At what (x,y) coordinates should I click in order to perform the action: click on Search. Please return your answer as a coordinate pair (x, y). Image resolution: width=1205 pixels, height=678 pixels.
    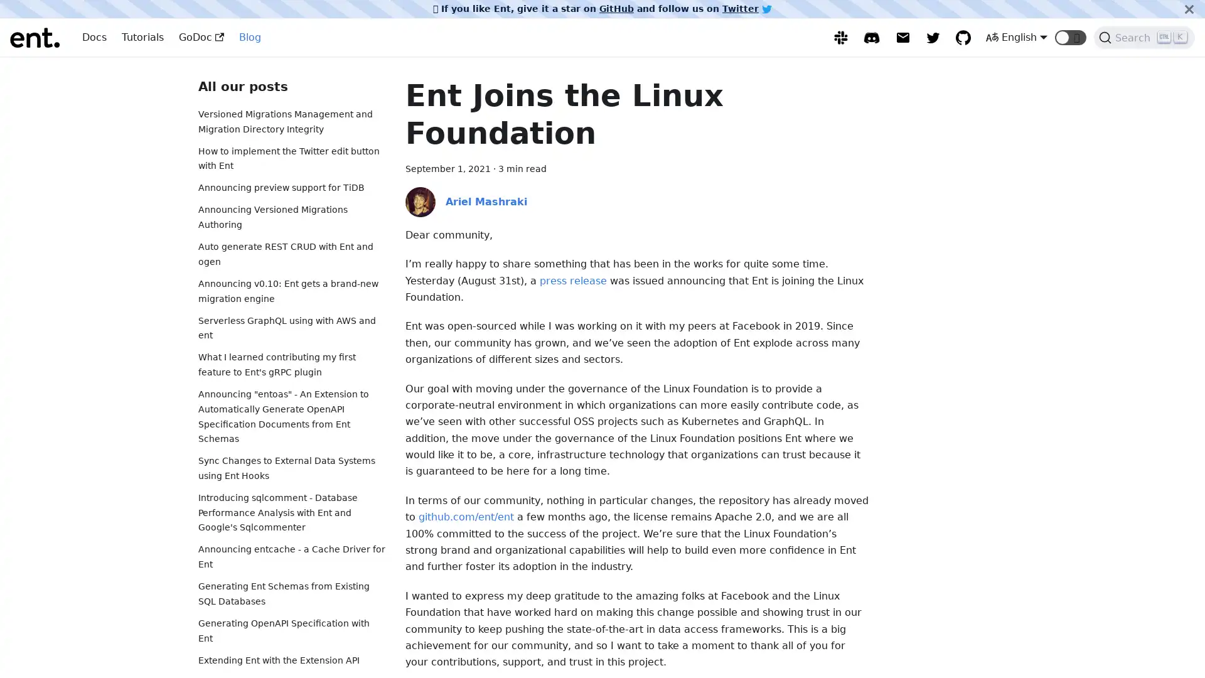
    Looking at the image, I should click on (1144, 37).